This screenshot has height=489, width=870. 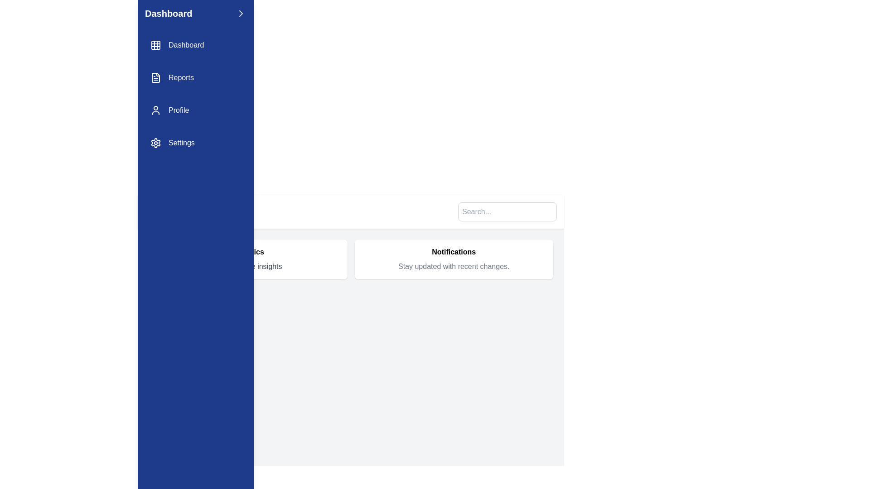 What do you see at coordinates (179, 110) in the screenshot?
I see `the 'Profile' text label in the navigation menu` at bounding box center [179, 110].